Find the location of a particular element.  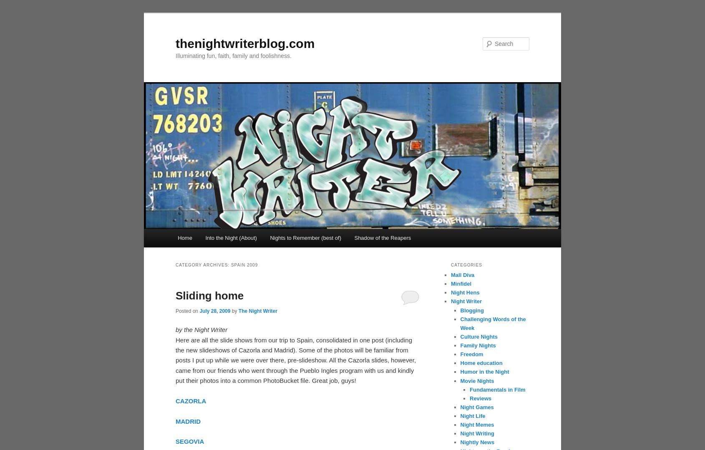

'Night Writing' is located at coordinates (477, 433).